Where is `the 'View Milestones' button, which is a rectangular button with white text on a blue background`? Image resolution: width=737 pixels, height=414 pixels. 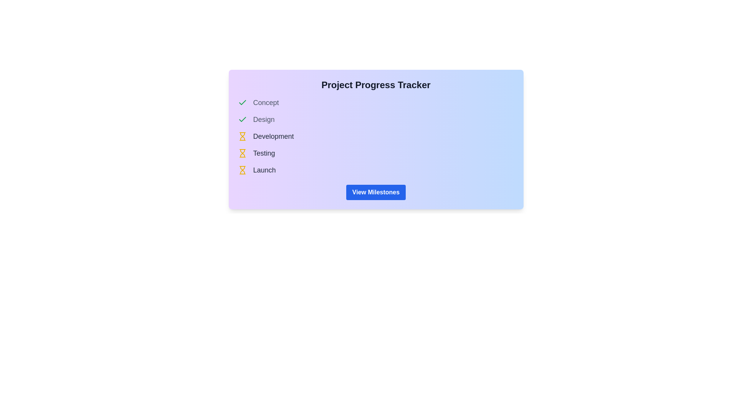
the 'View Milestones' button, which is a rectangular button with white text on a blue background is located at coordinates (376, 192).